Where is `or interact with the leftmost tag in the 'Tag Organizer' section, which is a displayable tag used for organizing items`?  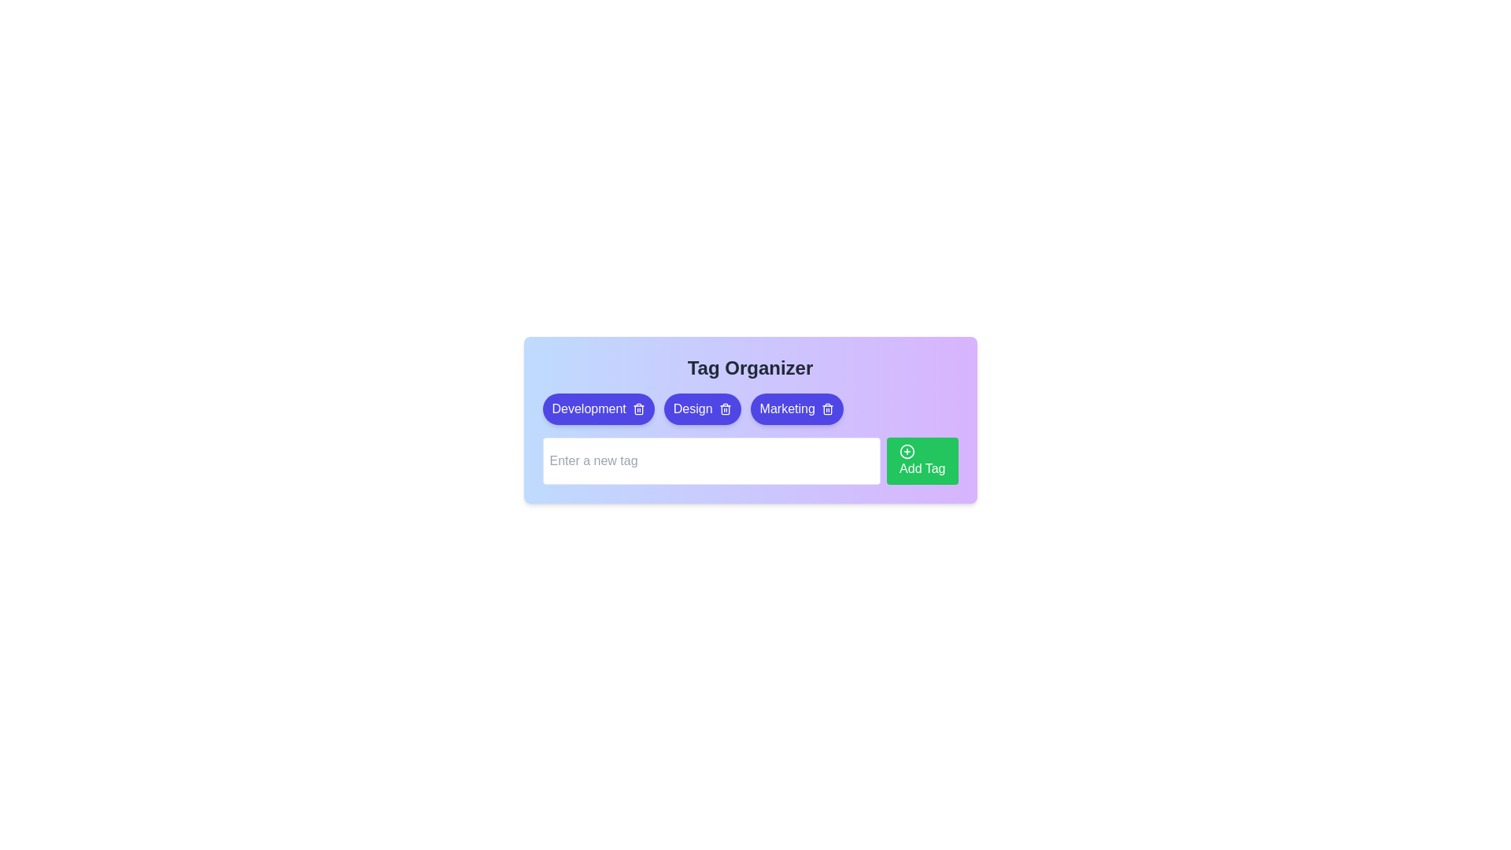
or interact with the leftmost tag in the 'Tag Organizer' section, which is a displayable tag used for organizing items is located at coordinates (588, 408).